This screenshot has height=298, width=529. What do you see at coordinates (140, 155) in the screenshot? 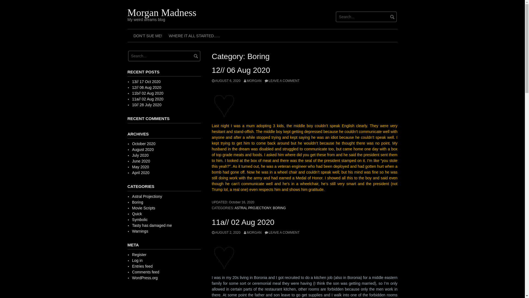
I see `'July 2020'` at bounding box center [140, 155].